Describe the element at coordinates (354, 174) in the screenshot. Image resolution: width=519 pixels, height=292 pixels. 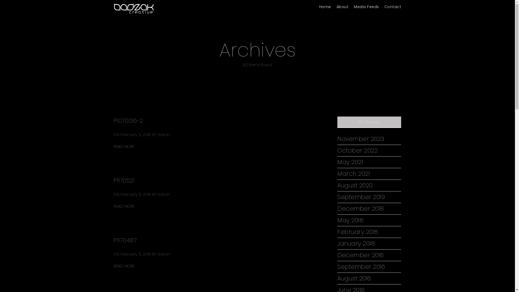
I see `'March 2021'` at that location.